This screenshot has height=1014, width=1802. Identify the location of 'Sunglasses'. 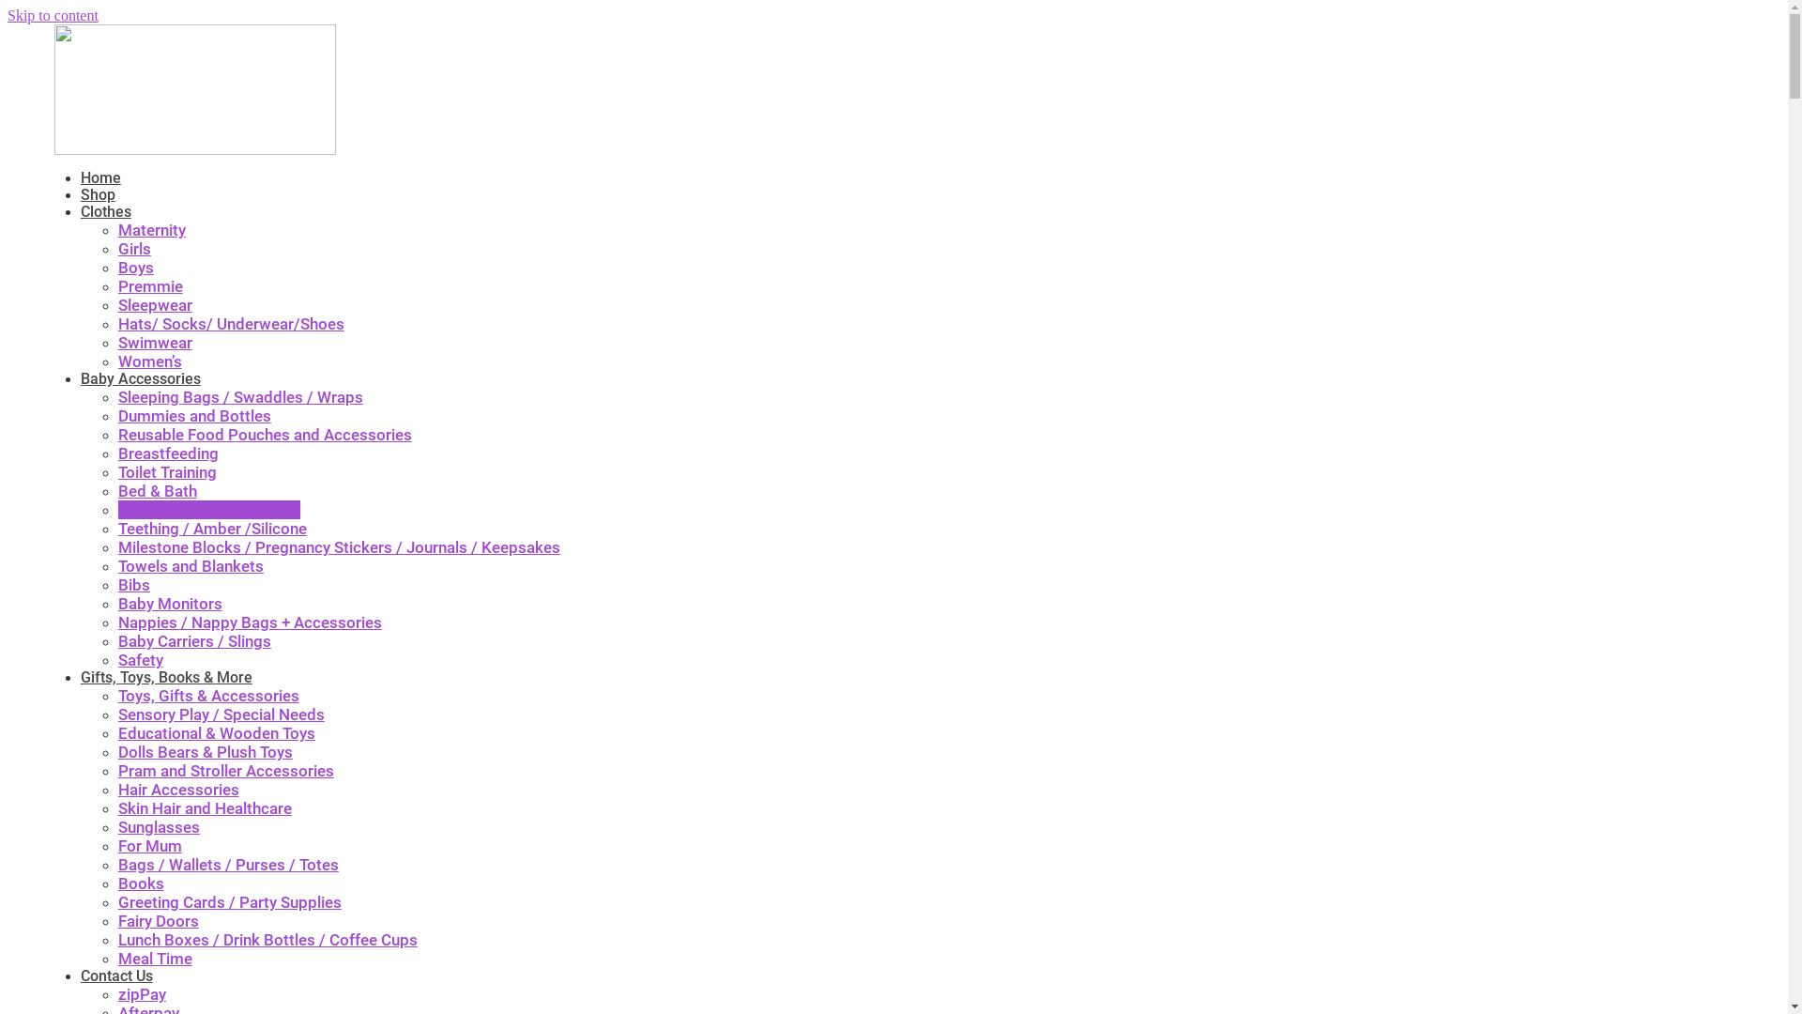
(159, 825).